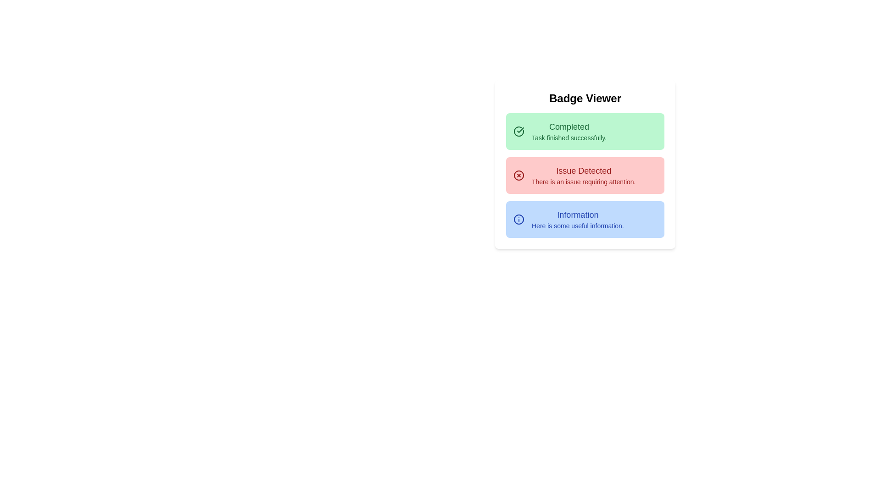 The image size is (881, 495). Describe the element at coordinates (519, 175) in the screenshot. I see `the thin, circular icon with a red stroke and a cross inside, located in the second row under 'Badge Viewer' next to 'Issue Detected.'` at that location.